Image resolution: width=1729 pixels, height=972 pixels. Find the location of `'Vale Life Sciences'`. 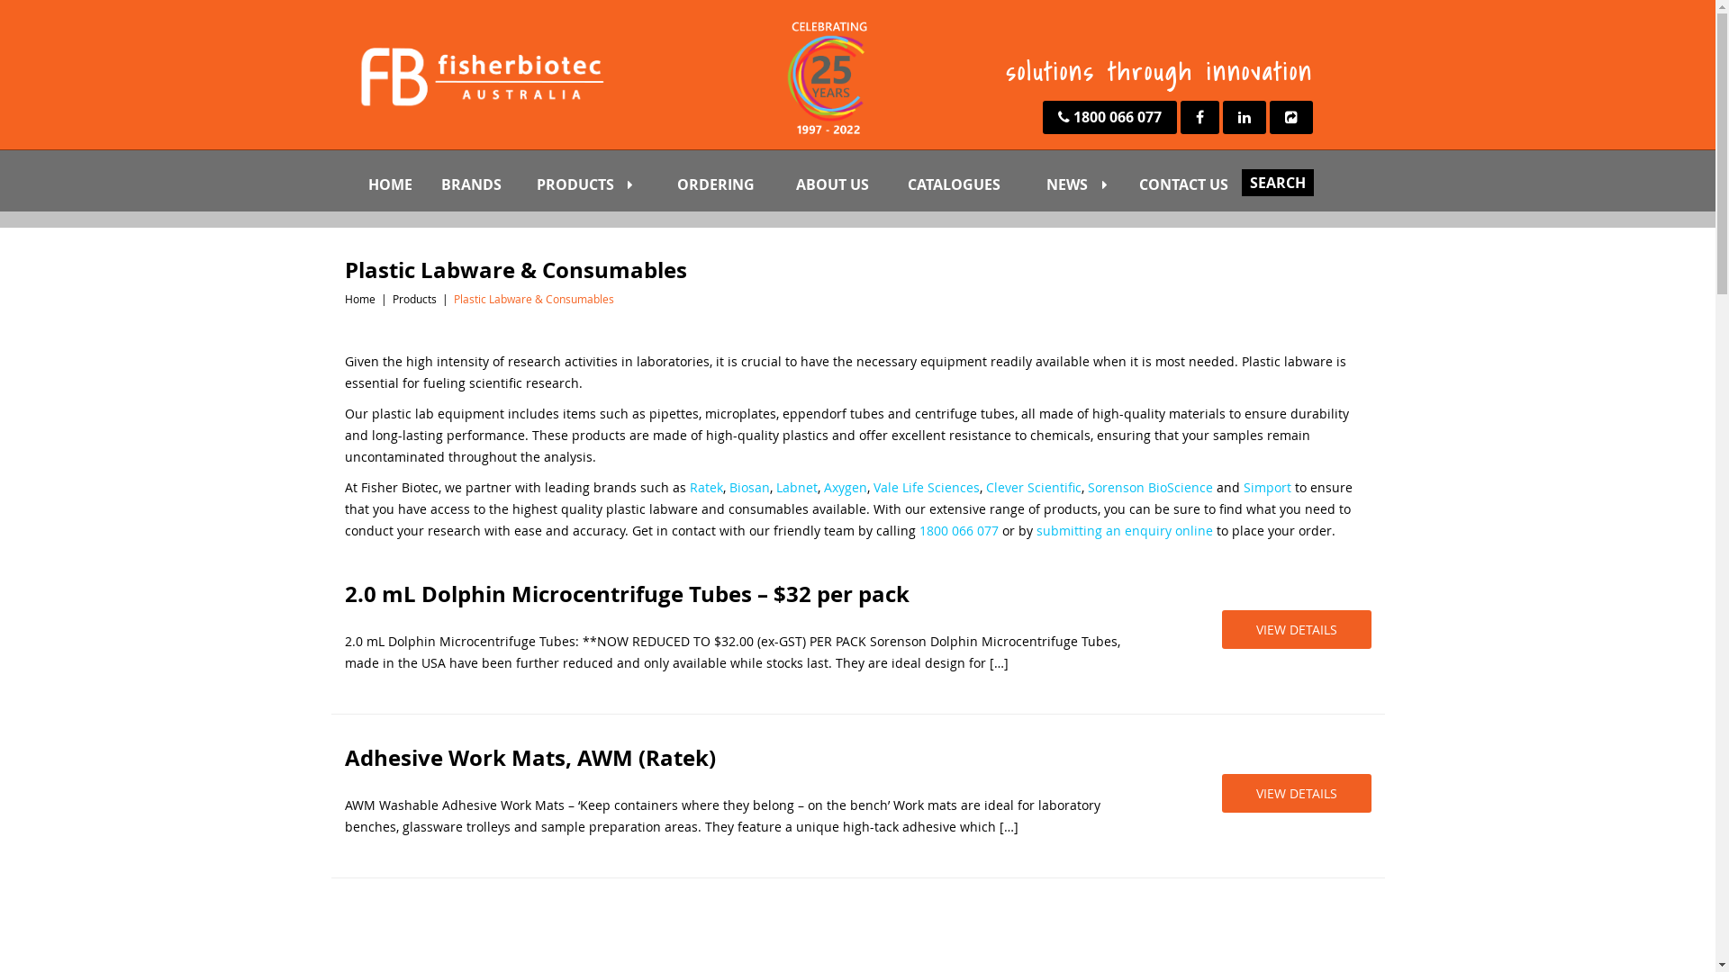

'Vale Life Sciences' is located at coordinates (926, 487).